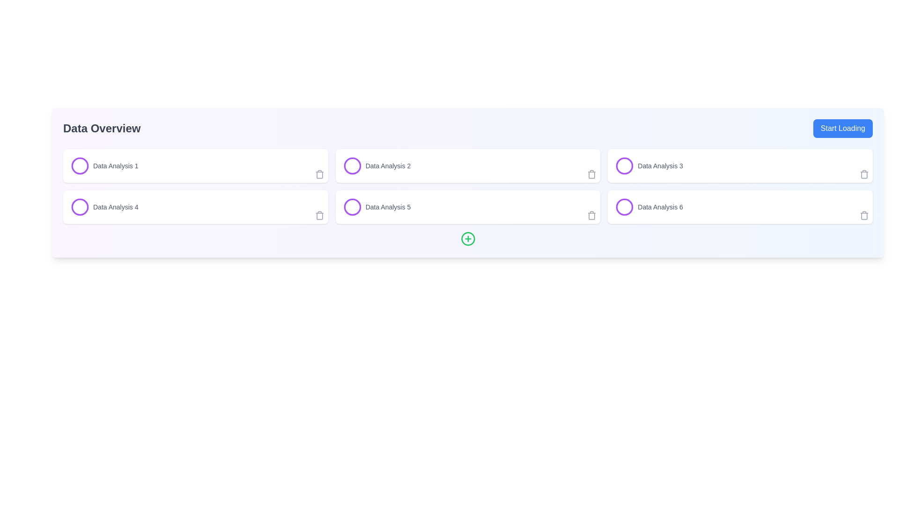  Describe the element at coordinates (625, 207) in the screenshot. I see `the hollow purple circular icon located in the bottom-right of the grid layout adjacent to the 'Data Analysis 6' label to emphasize it` at that location.